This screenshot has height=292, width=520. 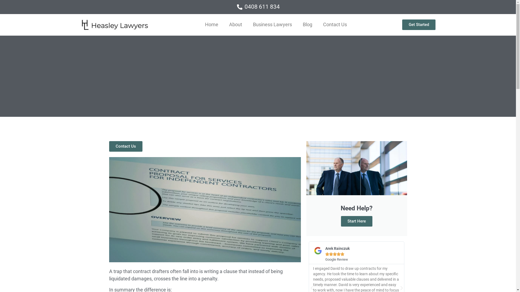 I want to click on 'Get Started', so click(x=418, y=25).